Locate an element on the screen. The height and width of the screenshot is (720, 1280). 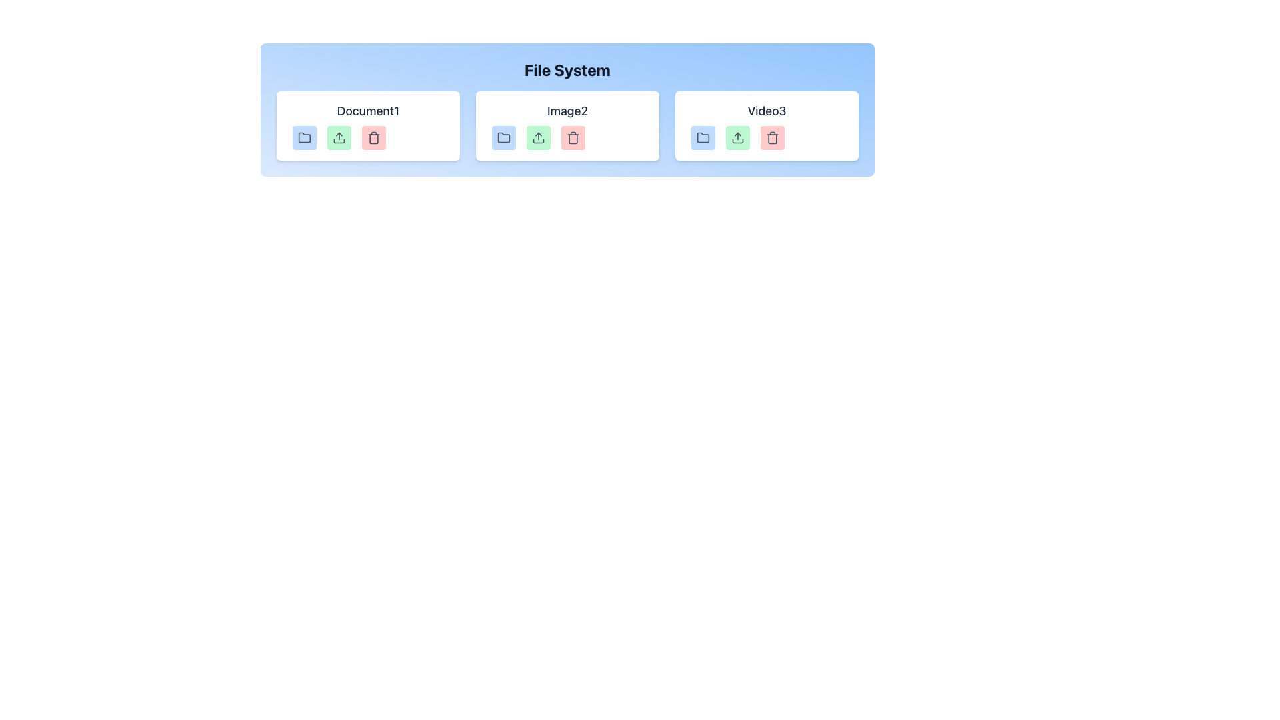
the bottom rectangular section of the upload icon, which is part of the green upload button in the central card associated with 'Image2' is located at coordinates (538, 141).